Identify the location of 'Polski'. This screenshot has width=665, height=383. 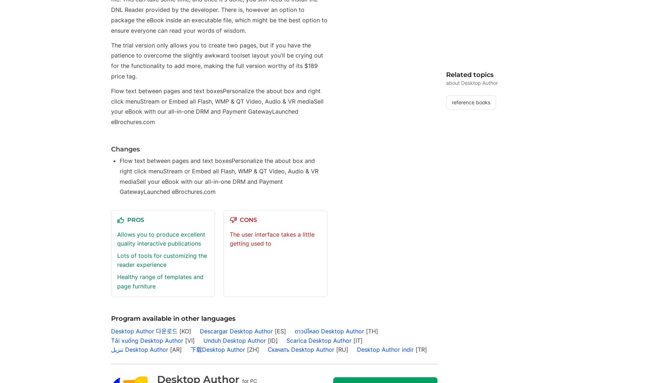
(370, 56).